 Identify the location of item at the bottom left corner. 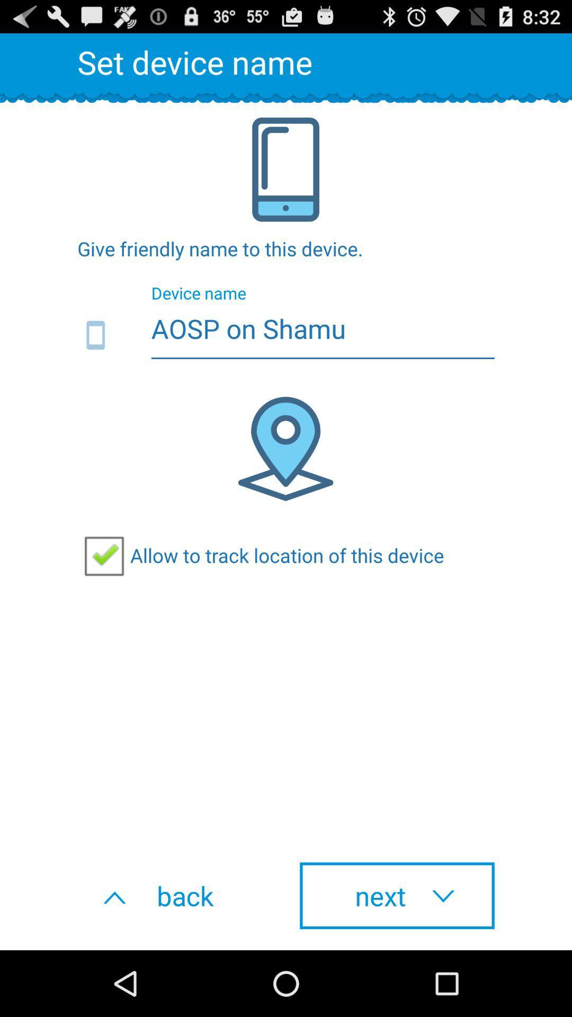
(174, 895).